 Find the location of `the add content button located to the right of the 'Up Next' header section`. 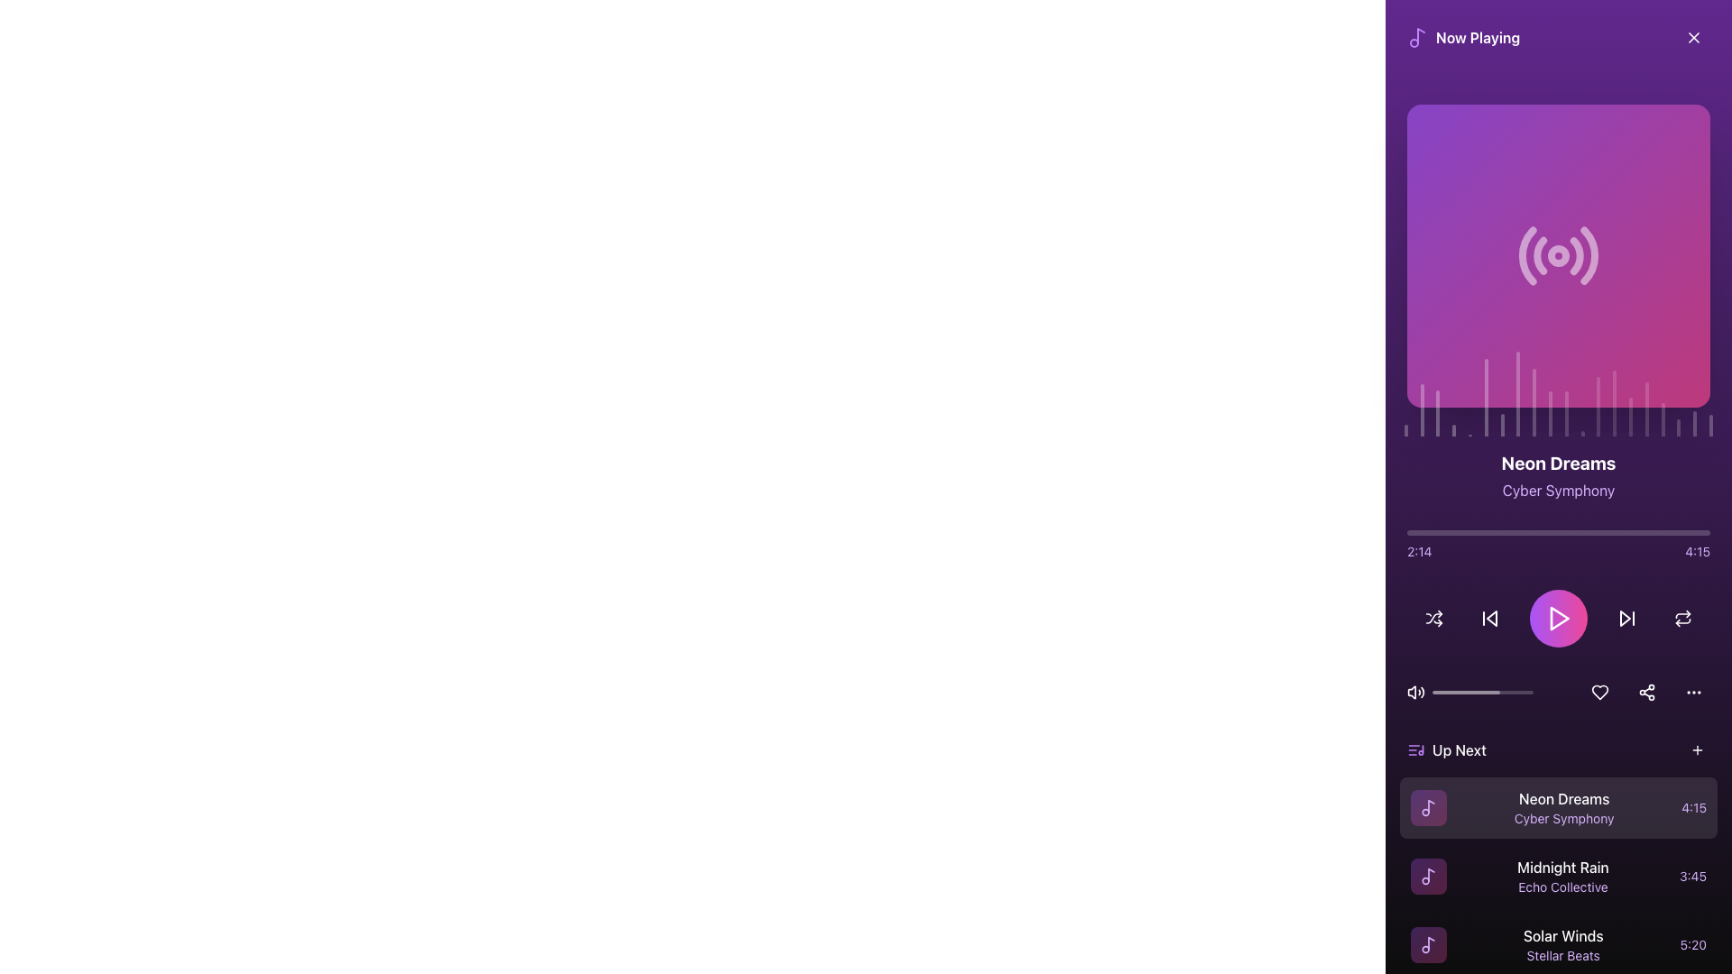

the add content button located to the right of the 'Up Next' header section is located at coordinates (1696, 750).